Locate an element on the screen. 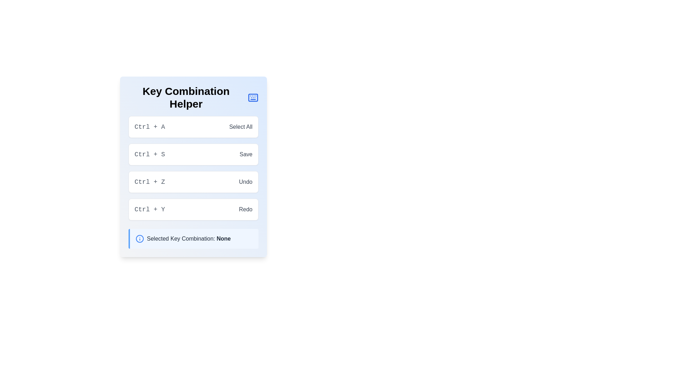  the Text label displaying 'None,' which indicates the current state of the selected key combination, located at the end of the text 'Selected Key Combination:' near the bottom-left corner of the interface is located at coordinates (223, 238).